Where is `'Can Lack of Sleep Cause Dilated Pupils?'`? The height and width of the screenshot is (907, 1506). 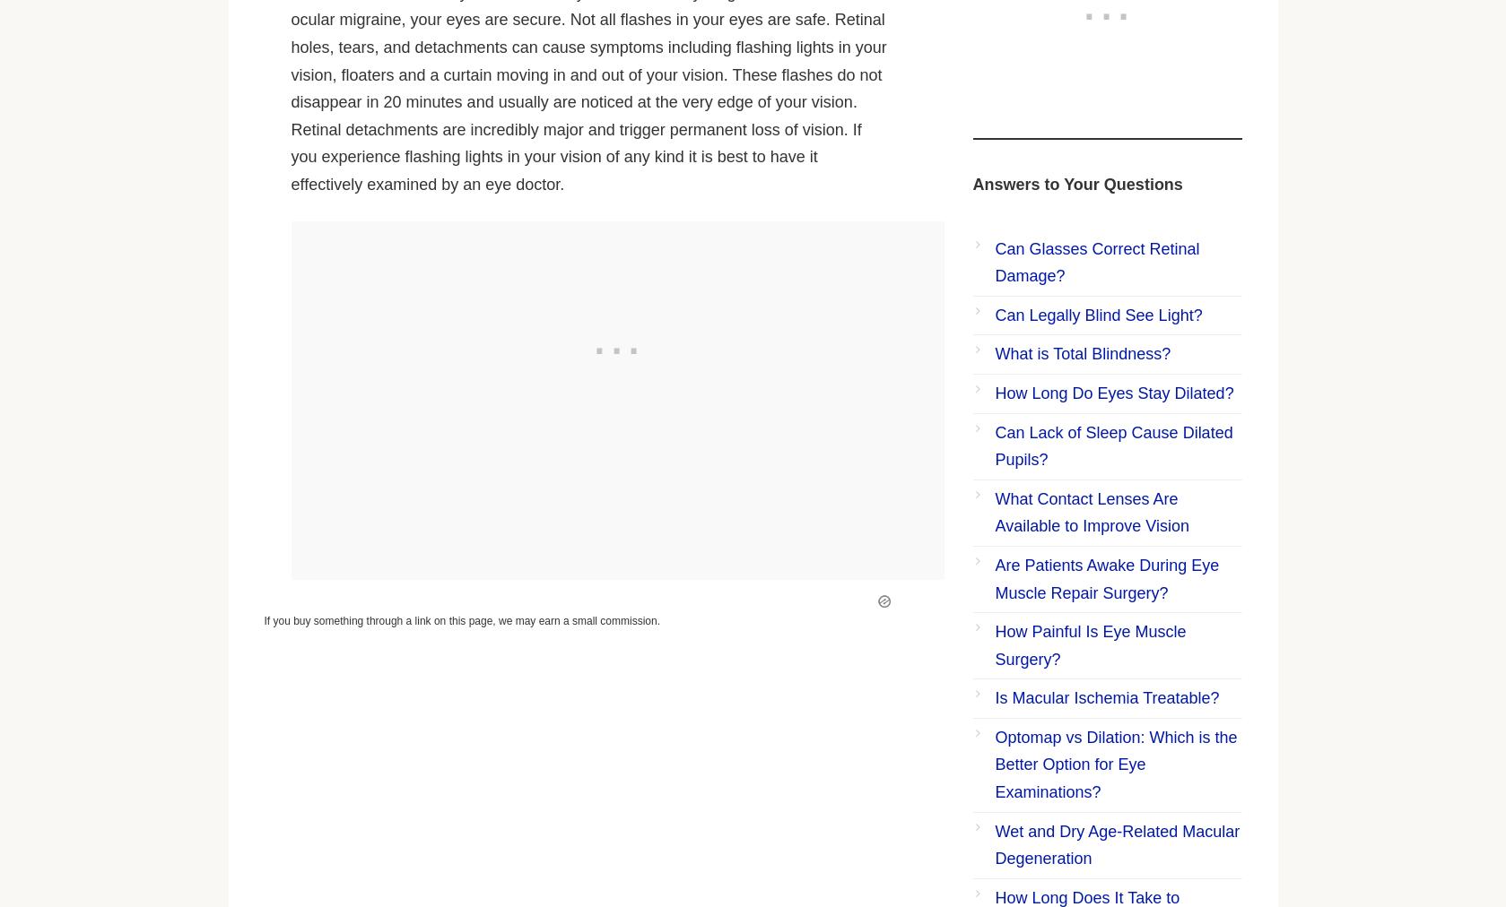 'Can Lack of Sleep Cause Dilated Pupils?' is located at coordinates (1112, 445).